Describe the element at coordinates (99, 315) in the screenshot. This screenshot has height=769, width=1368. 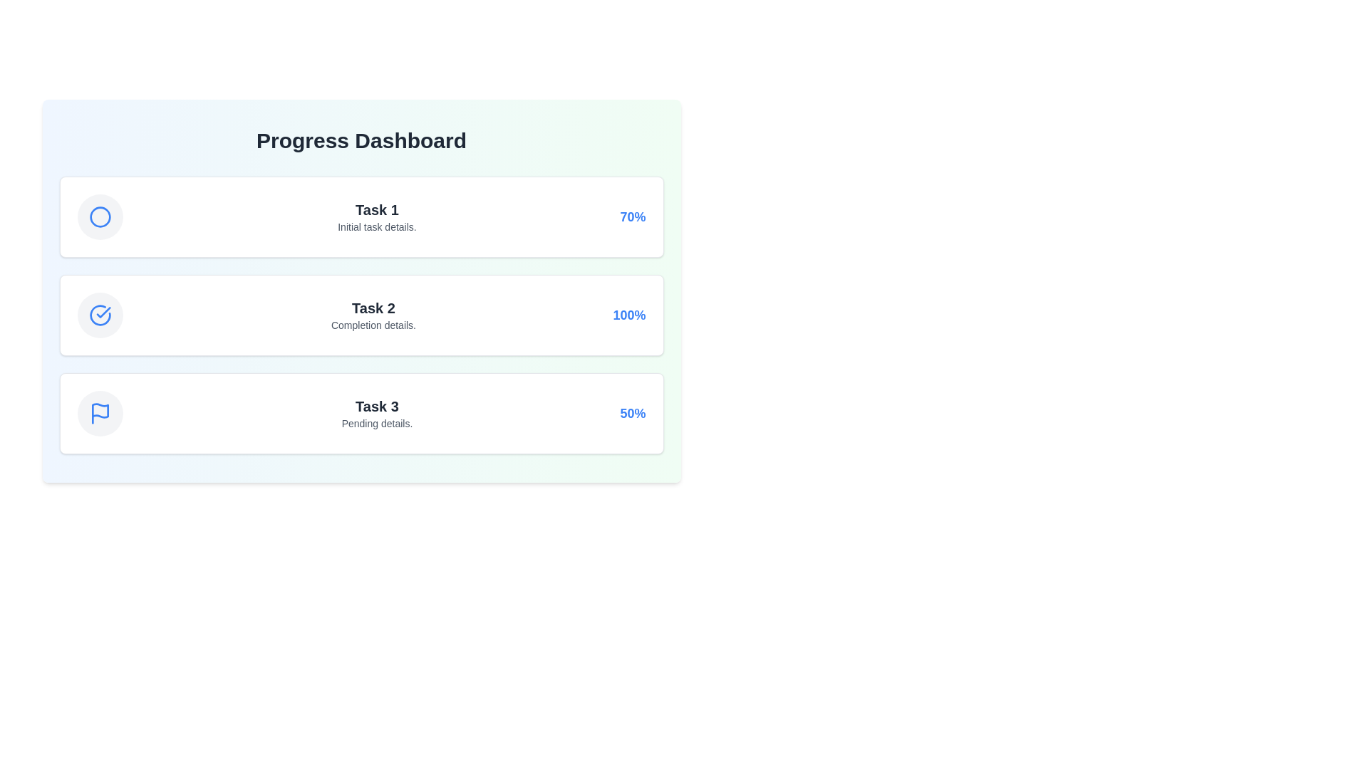
I see `the circular checkmark icon styled in blue, which is the second icon in the vertical list associated with 'Task 2' labeled 'Completion details.'` at that location.